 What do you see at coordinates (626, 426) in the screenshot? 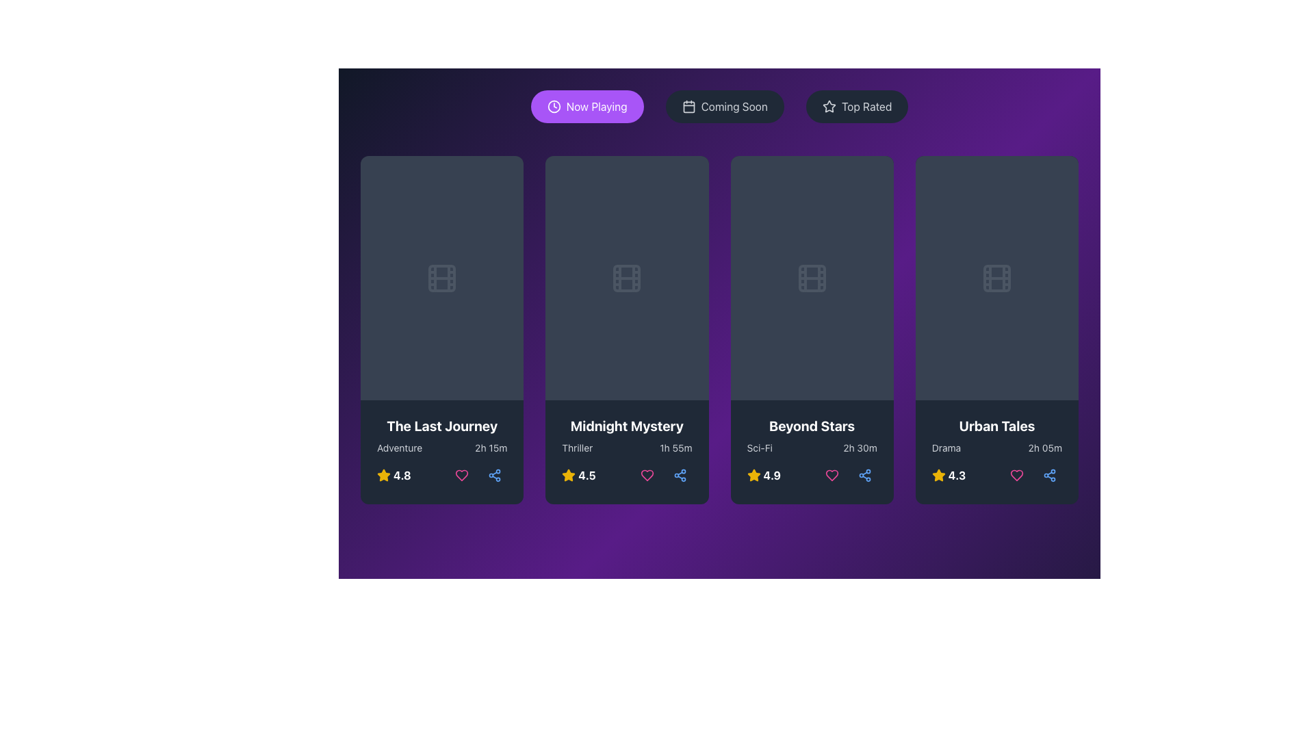
I see `the text label displaying the movie title, which is located at the top of the movie card in the second column of a grid layout` at bounding box center [626, 426].